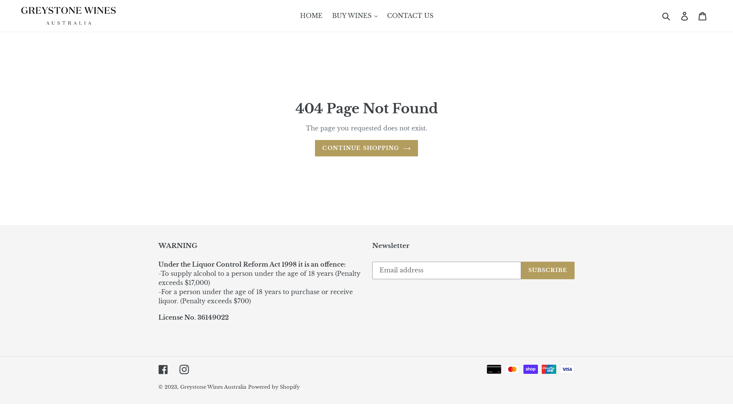 The height and width of the screenshot is (412, 733). I want to click on 'Powered by Shopify', so click(248, 386).